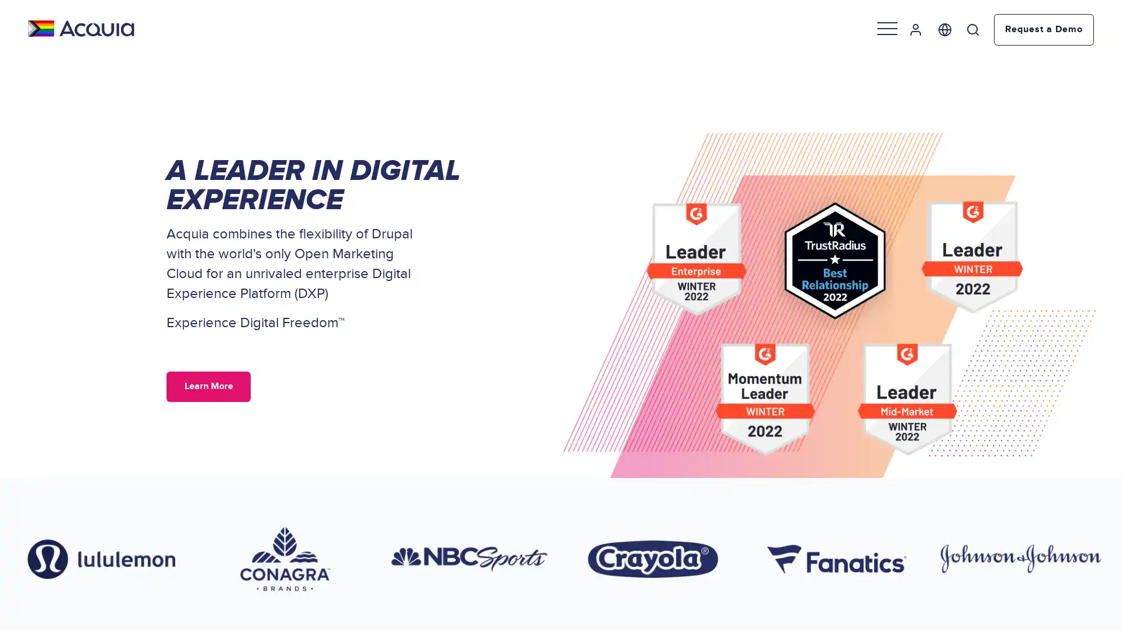 The height and width of the screenshot is (631, 1122). I want to click on Allow All, so click(119, 522).